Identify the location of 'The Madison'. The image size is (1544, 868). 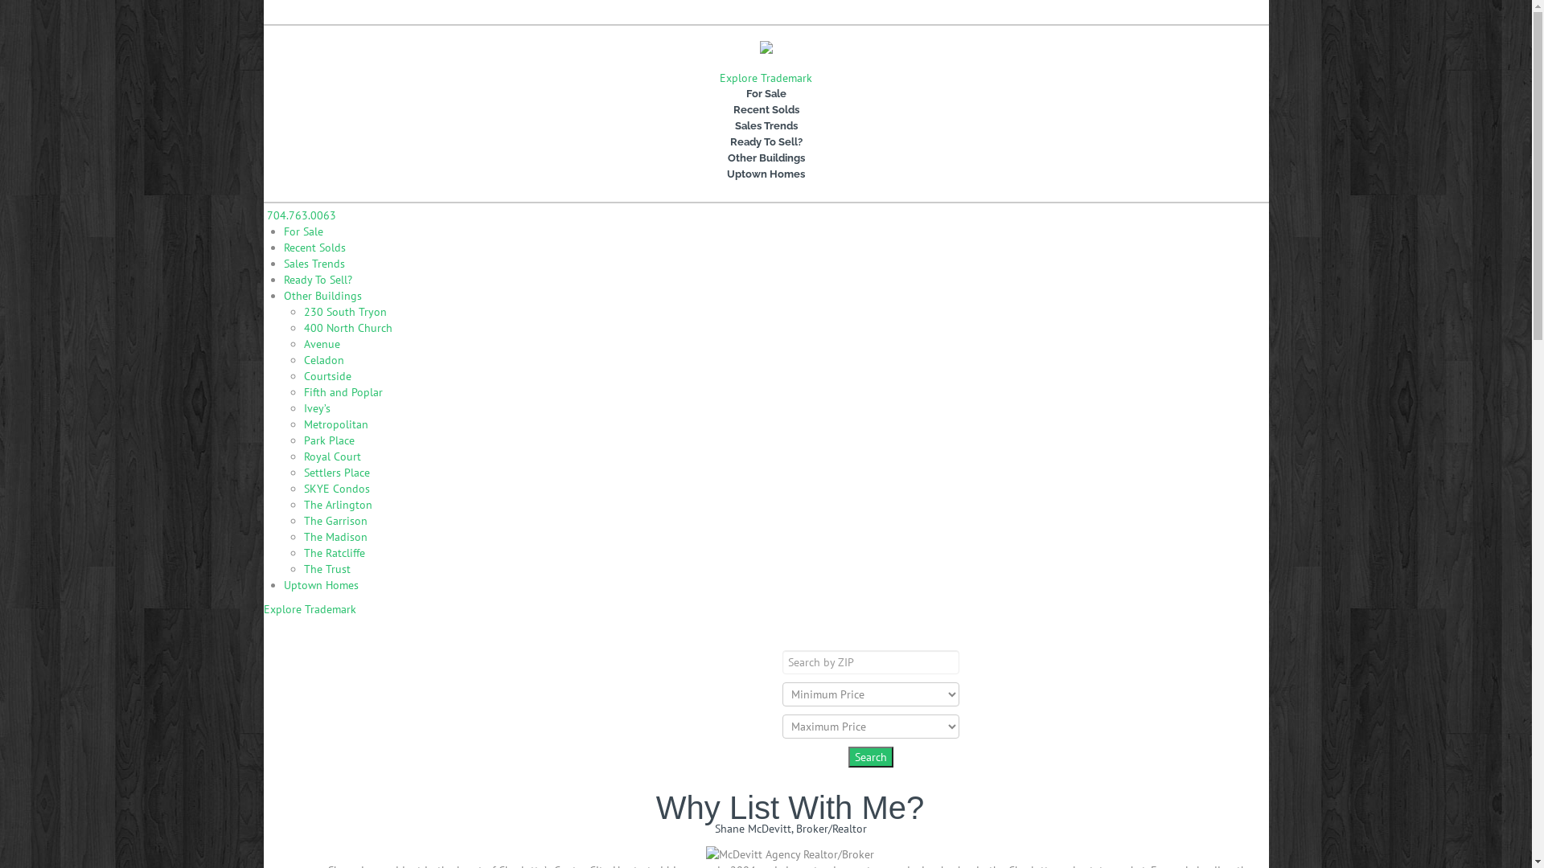
(335, 536).